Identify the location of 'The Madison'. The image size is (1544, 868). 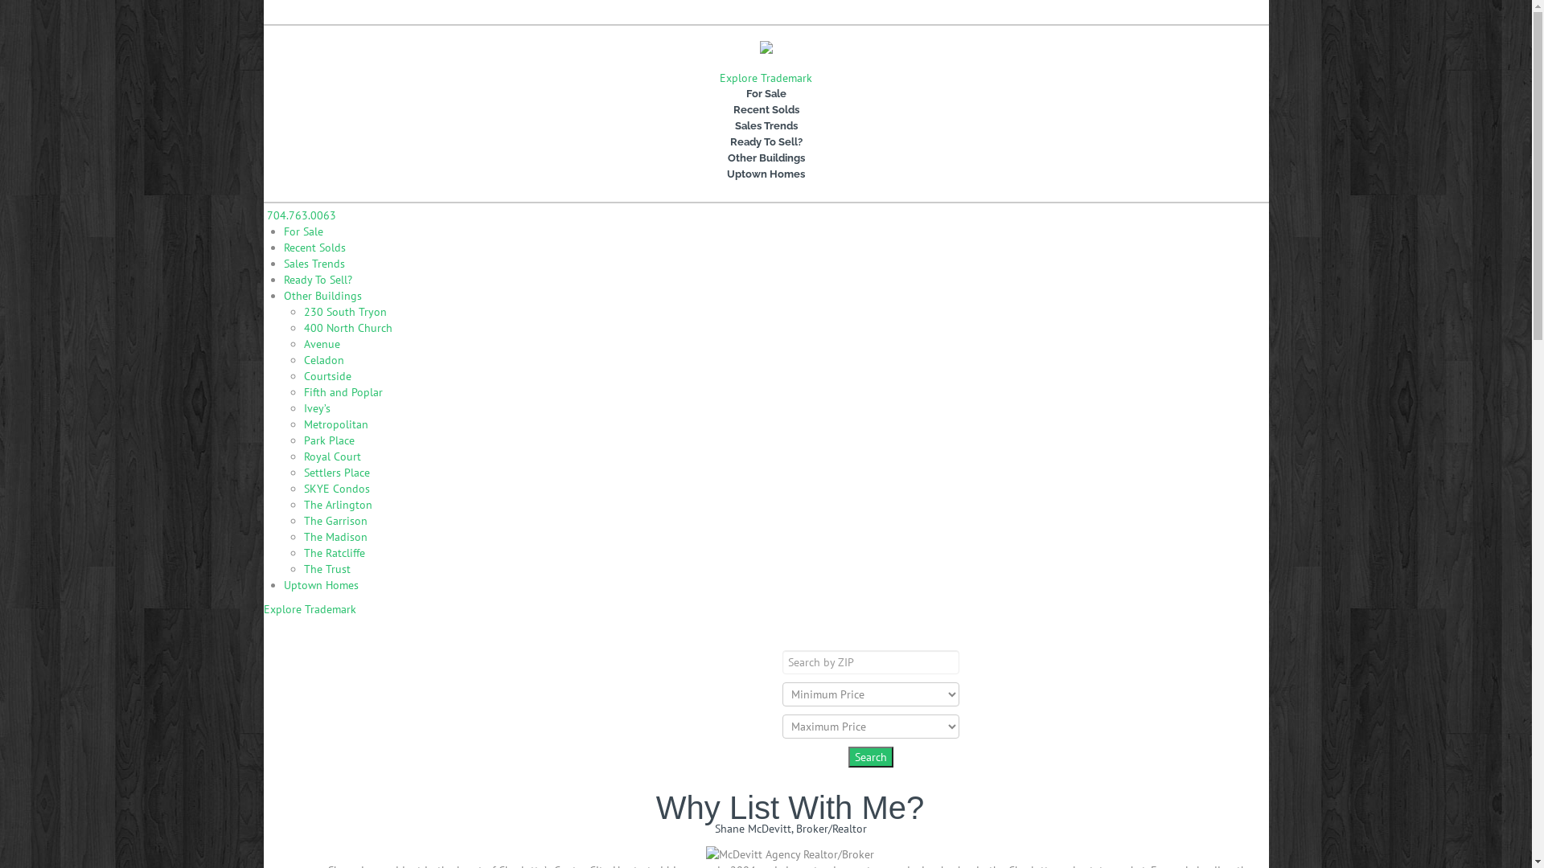
(335, 536).